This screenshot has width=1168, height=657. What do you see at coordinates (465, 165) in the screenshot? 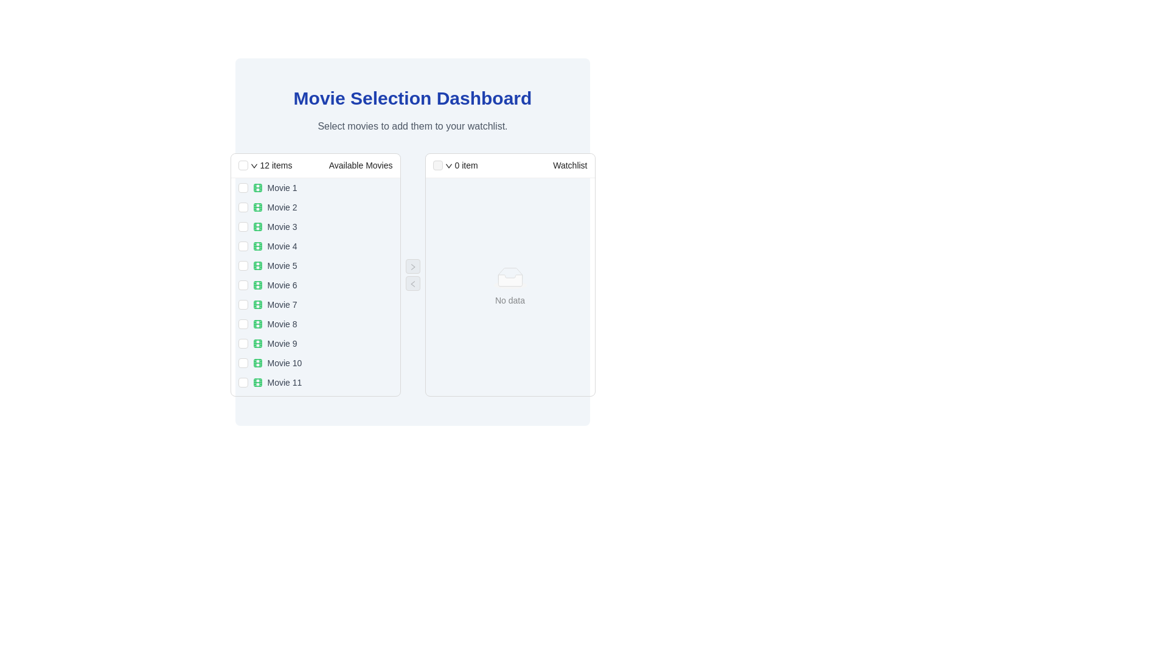
I see `the Text label indicating the count of items, which currently displays '0', located in the top-left of the 'Watchlist' section header` at bounding box center [465, 165].